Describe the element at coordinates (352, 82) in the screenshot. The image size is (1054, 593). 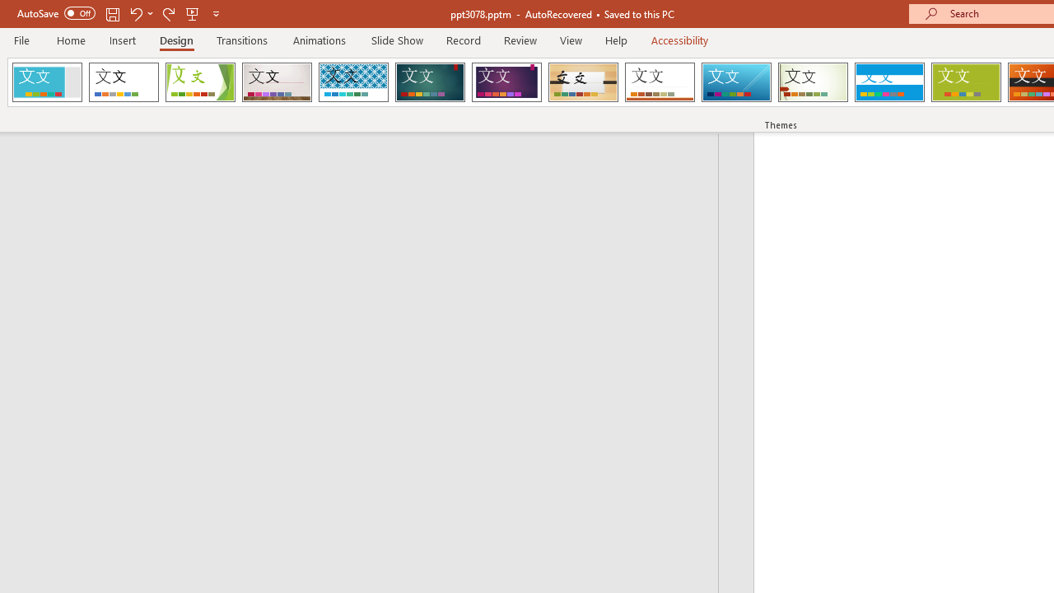
I see `'Integral'` at that location.